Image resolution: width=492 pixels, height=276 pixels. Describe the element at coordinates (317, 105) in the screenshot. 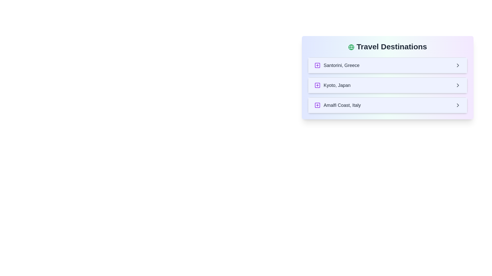

I see `the purple outlined square button with a centered purple plus sign, located to the left of the text 'Amalfi Coast, Italy' in the travel destinations list` at that location.